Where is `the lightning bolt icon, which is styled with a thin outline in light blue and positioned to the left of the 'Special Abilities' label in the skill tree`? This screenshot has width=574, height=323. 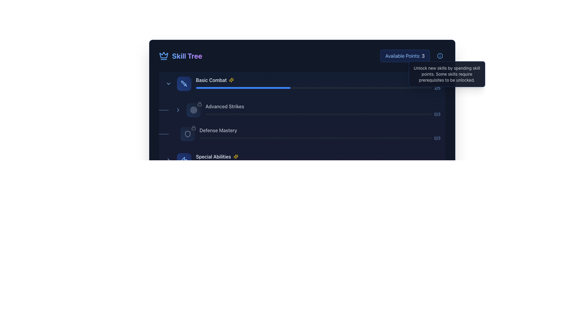 the lightning bolt icon, which is styled with a thin outline in light blue and positioned to the left of the 'Special Abilities' label in the skill tree is located at coordinates (184, 160).